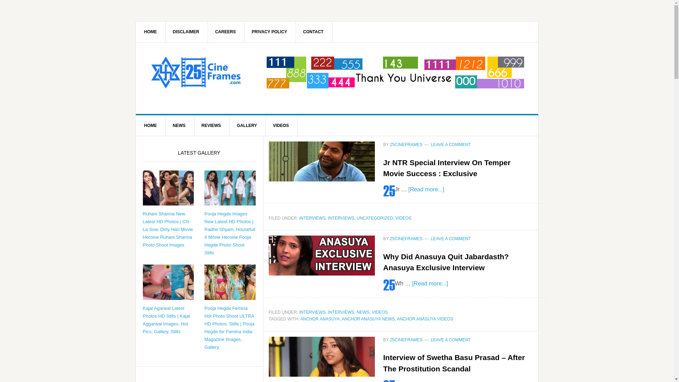  Describe the element at coordinates (319, 319) in the screenshot. I see `'ANCHOR ANASUYA'` at that location.